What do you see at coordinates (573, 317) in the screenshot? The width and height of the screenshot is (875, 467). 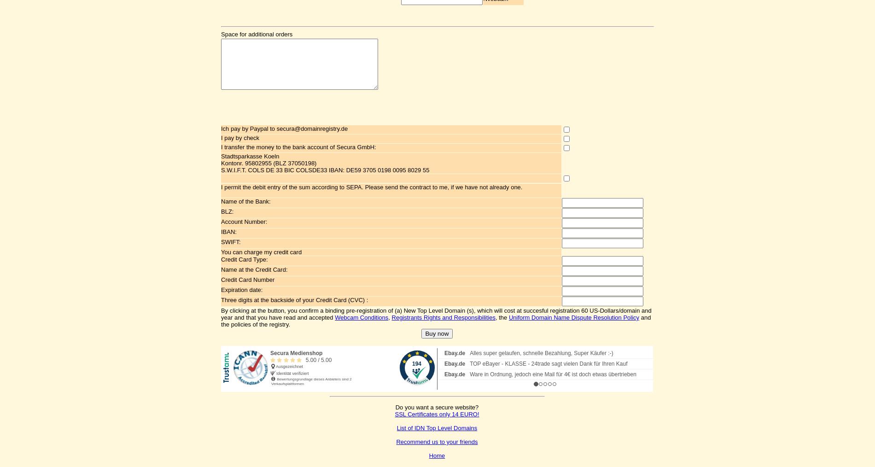 I see `'Uniform
Domain Name Dispute
Resolution Policy'` at bounding box center [573, 317].